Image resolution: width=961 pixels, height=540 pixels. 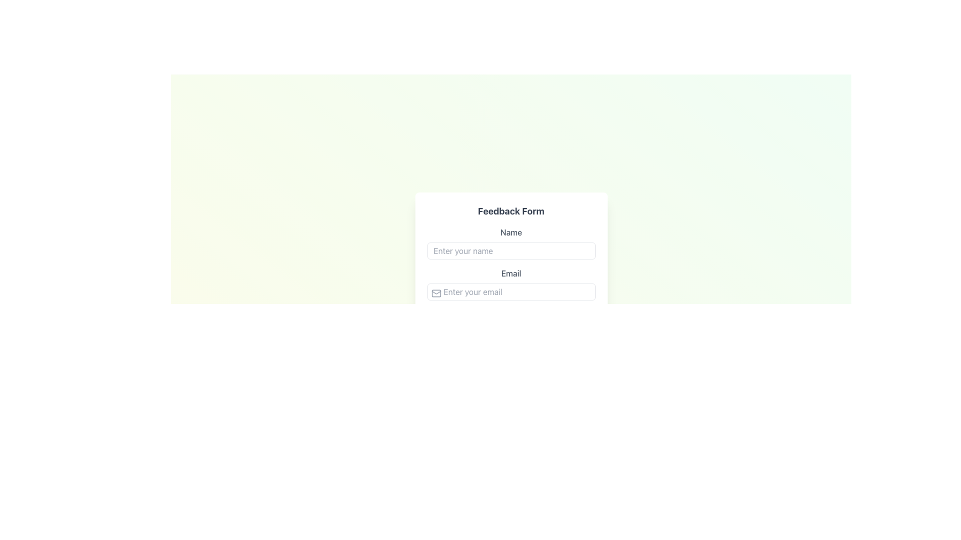 What do you see at coordinates (436, 292) in the screenshot?
I see `the email input icon located on the left margin inside the email input field, indicating that the adjacent text field is for email addresses` at bounding box center [436, 292].